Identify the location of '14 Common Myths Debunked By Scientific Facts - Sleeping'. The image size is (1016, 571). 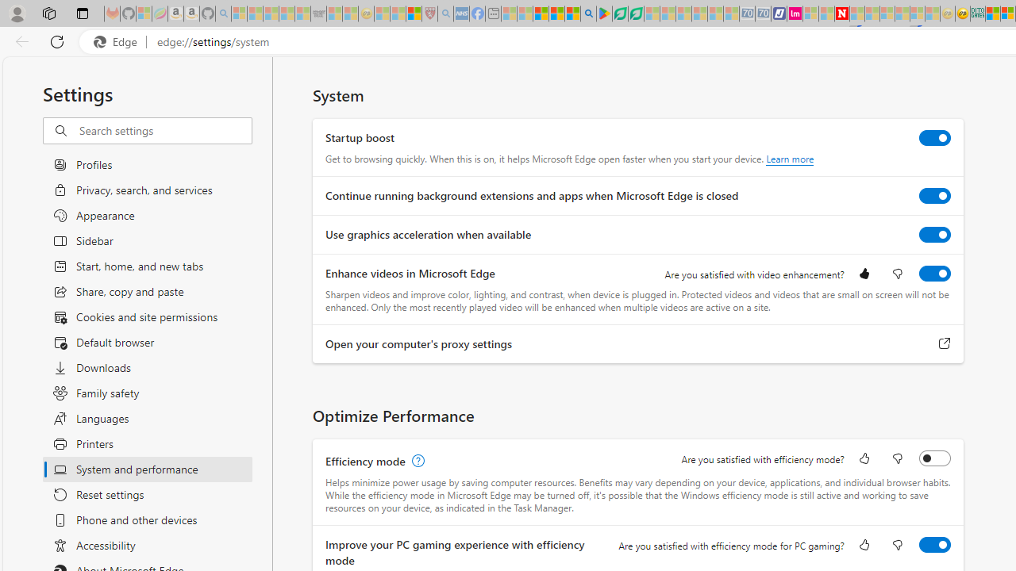
(872, 13).